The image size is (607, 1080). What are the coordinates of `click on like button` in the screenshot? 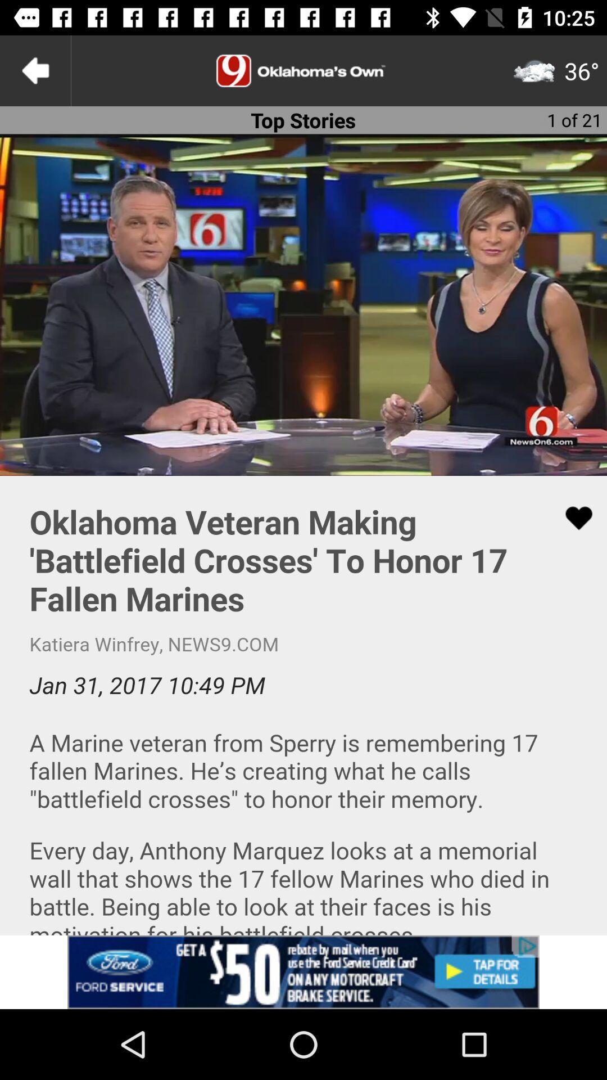 It's located at (572, 517).